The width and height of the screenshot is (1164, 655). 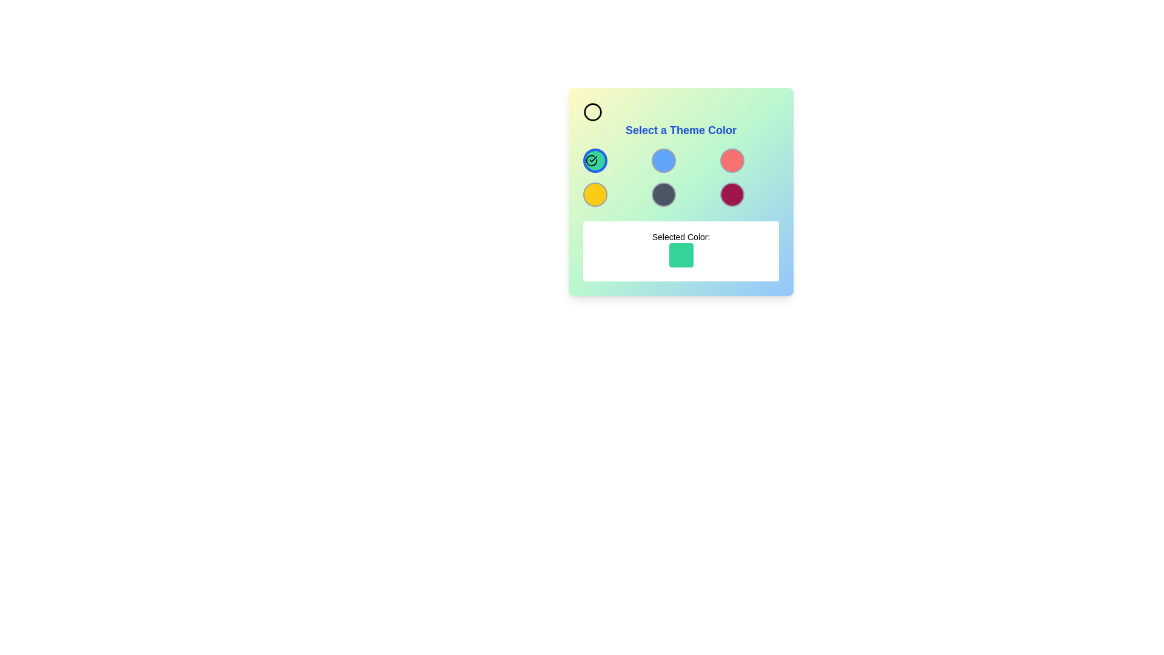 What do you see at coordinates (663, 193) in the screenshot?
I see `the circular button with a dark gray fill and medium gray border located in the second row and second column of a 3x3 grid layout` at bounding box center [663, 193].